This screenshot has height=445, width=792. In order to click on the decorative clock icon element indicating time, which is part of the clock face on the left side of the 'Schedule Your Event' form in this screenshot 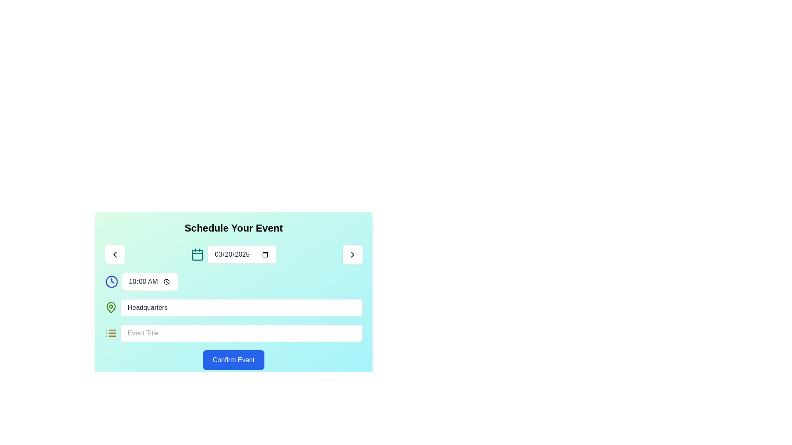, I will do `click(111, 281)`.